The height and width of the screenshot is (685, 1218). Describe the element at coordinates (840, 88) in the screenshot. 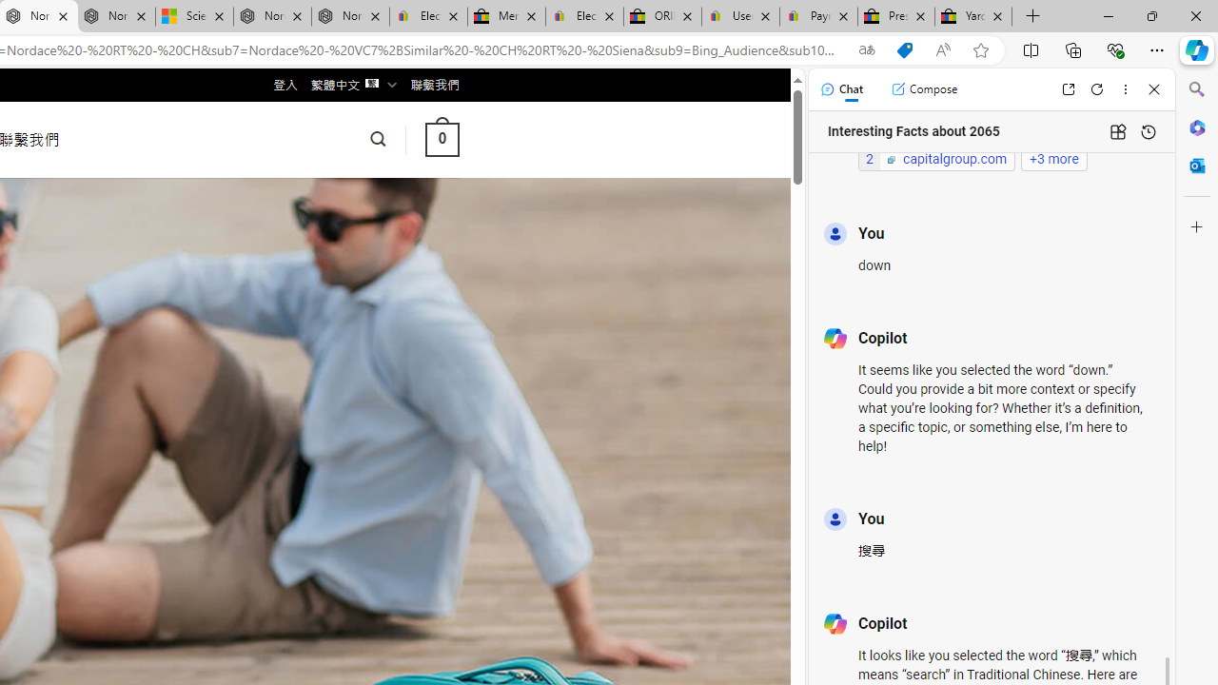

I see `'Chat'` at that location.